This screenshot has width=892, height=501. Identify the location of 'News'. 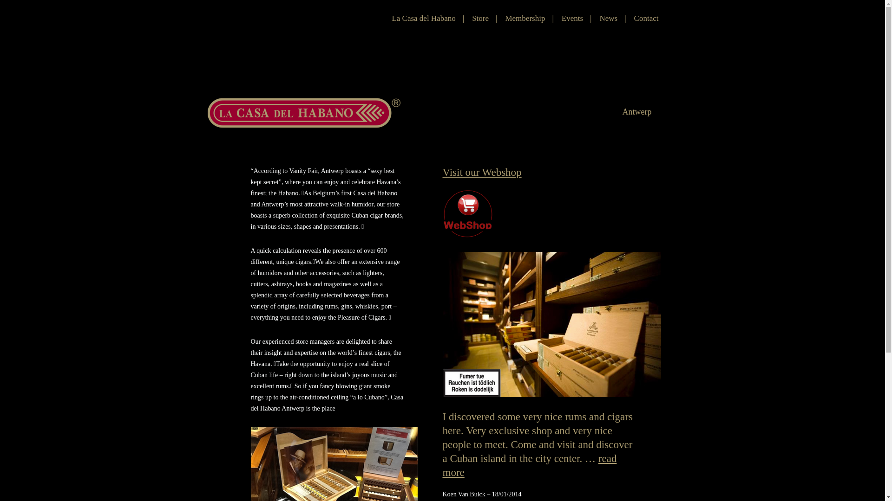
(608, 18).